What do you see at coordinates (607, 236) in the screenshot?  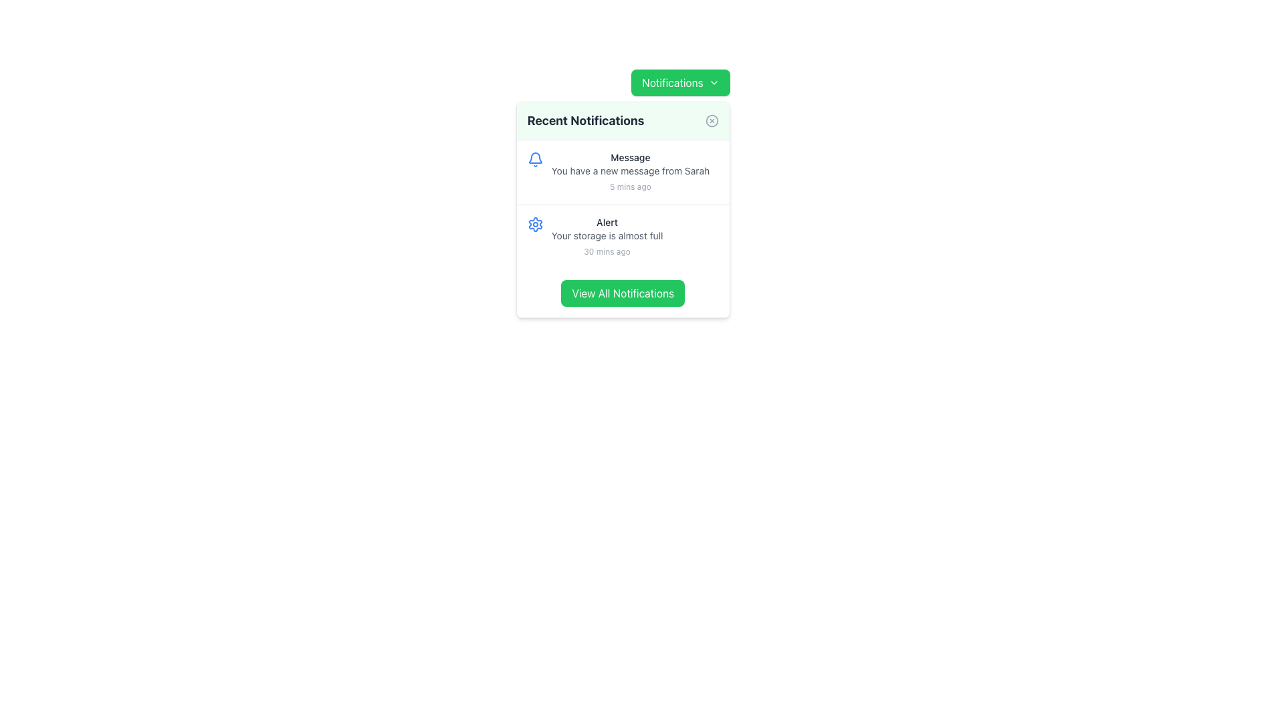 I see `the notification entry titled 'Alert' with the message 'Your storage is almost full'` at bounding box center [607, 236].